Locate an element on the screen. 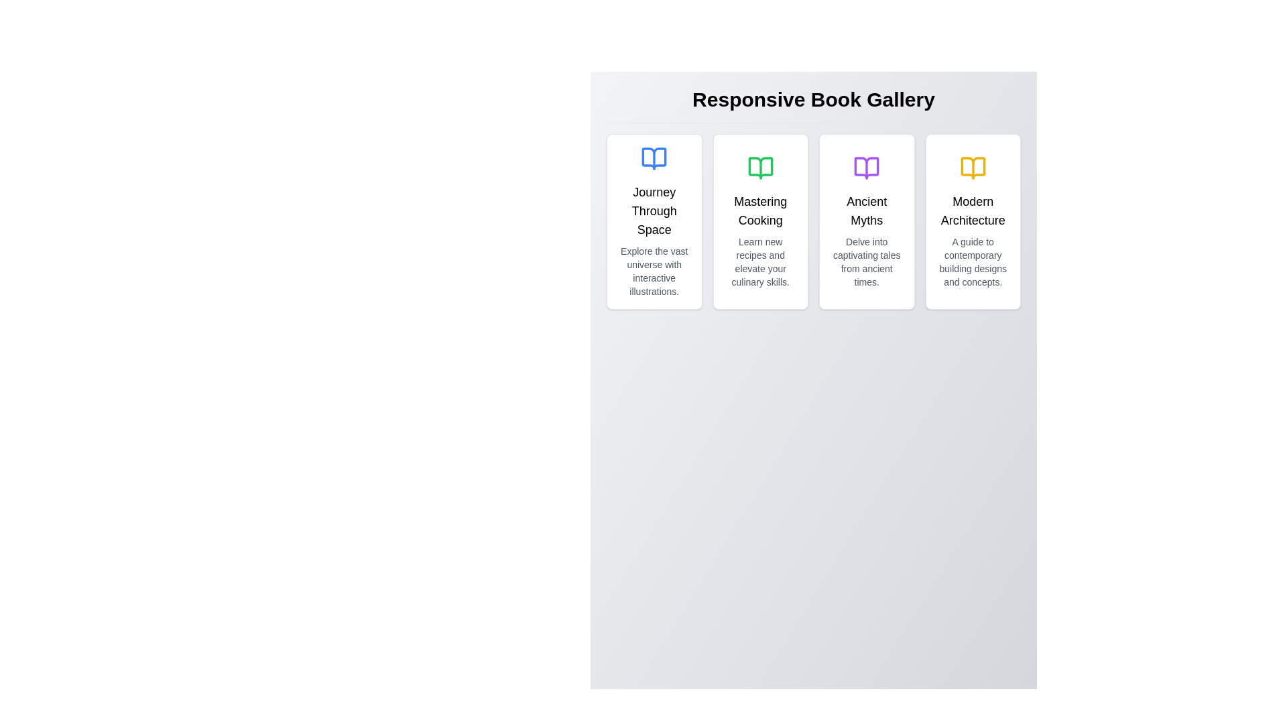 The height and width of the screenshot is (724, 1287). the open book icon, which is styled in purple and located at the top center of the card labeled 'Ancient Myths' is located at coordinates (867, 167).